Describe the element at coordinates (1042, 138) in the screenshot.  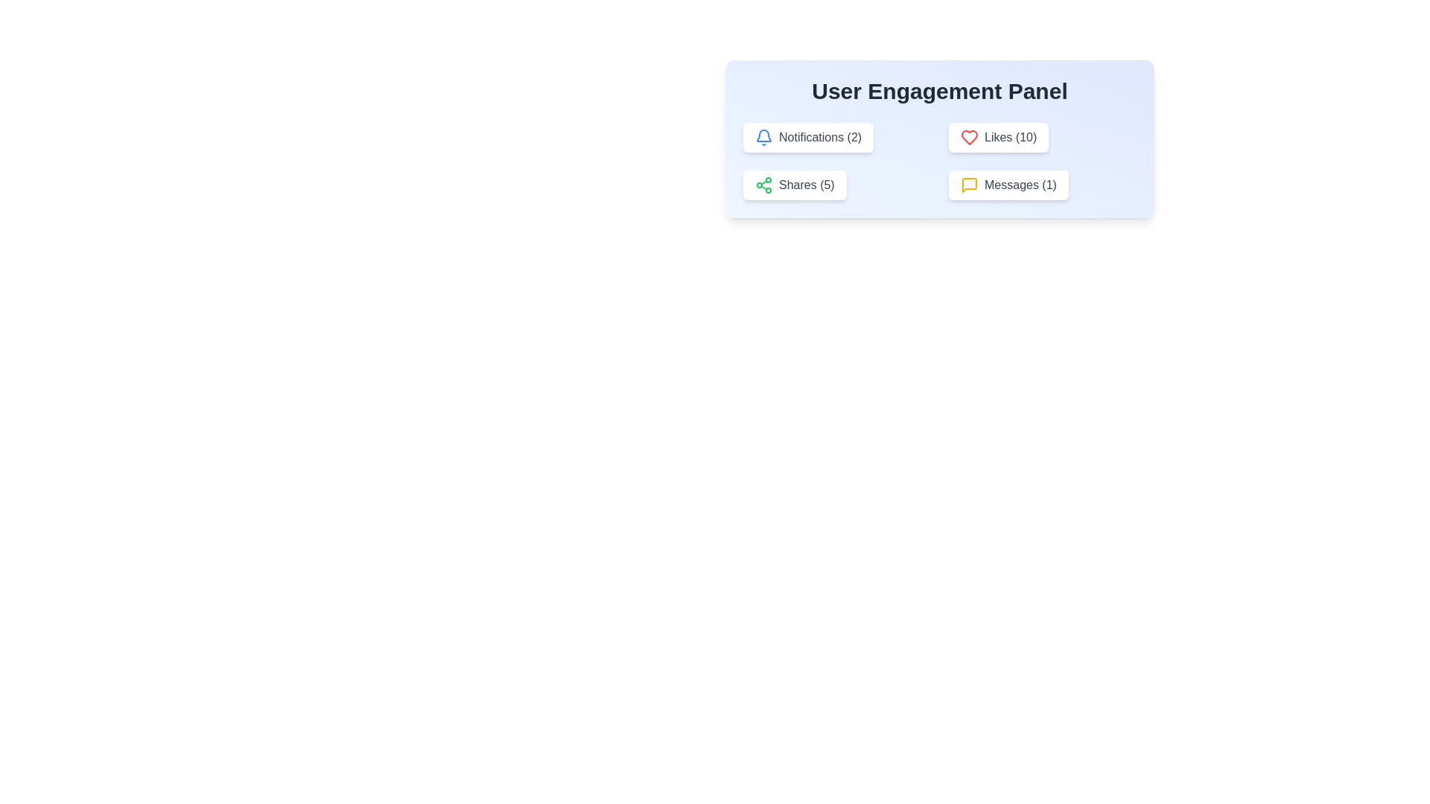
I see `the 'Likes (10)' interactive button` at that location.